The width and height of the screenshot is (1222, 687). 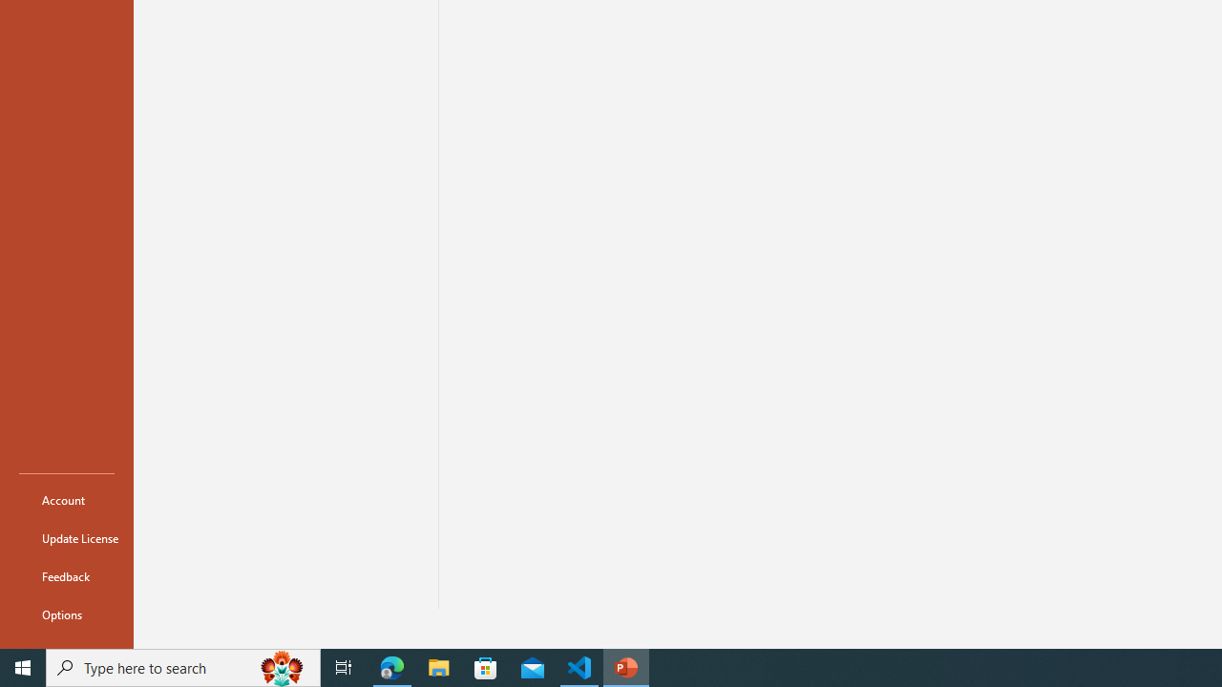 I want to click on 'Account', so click(x=66, y=499).